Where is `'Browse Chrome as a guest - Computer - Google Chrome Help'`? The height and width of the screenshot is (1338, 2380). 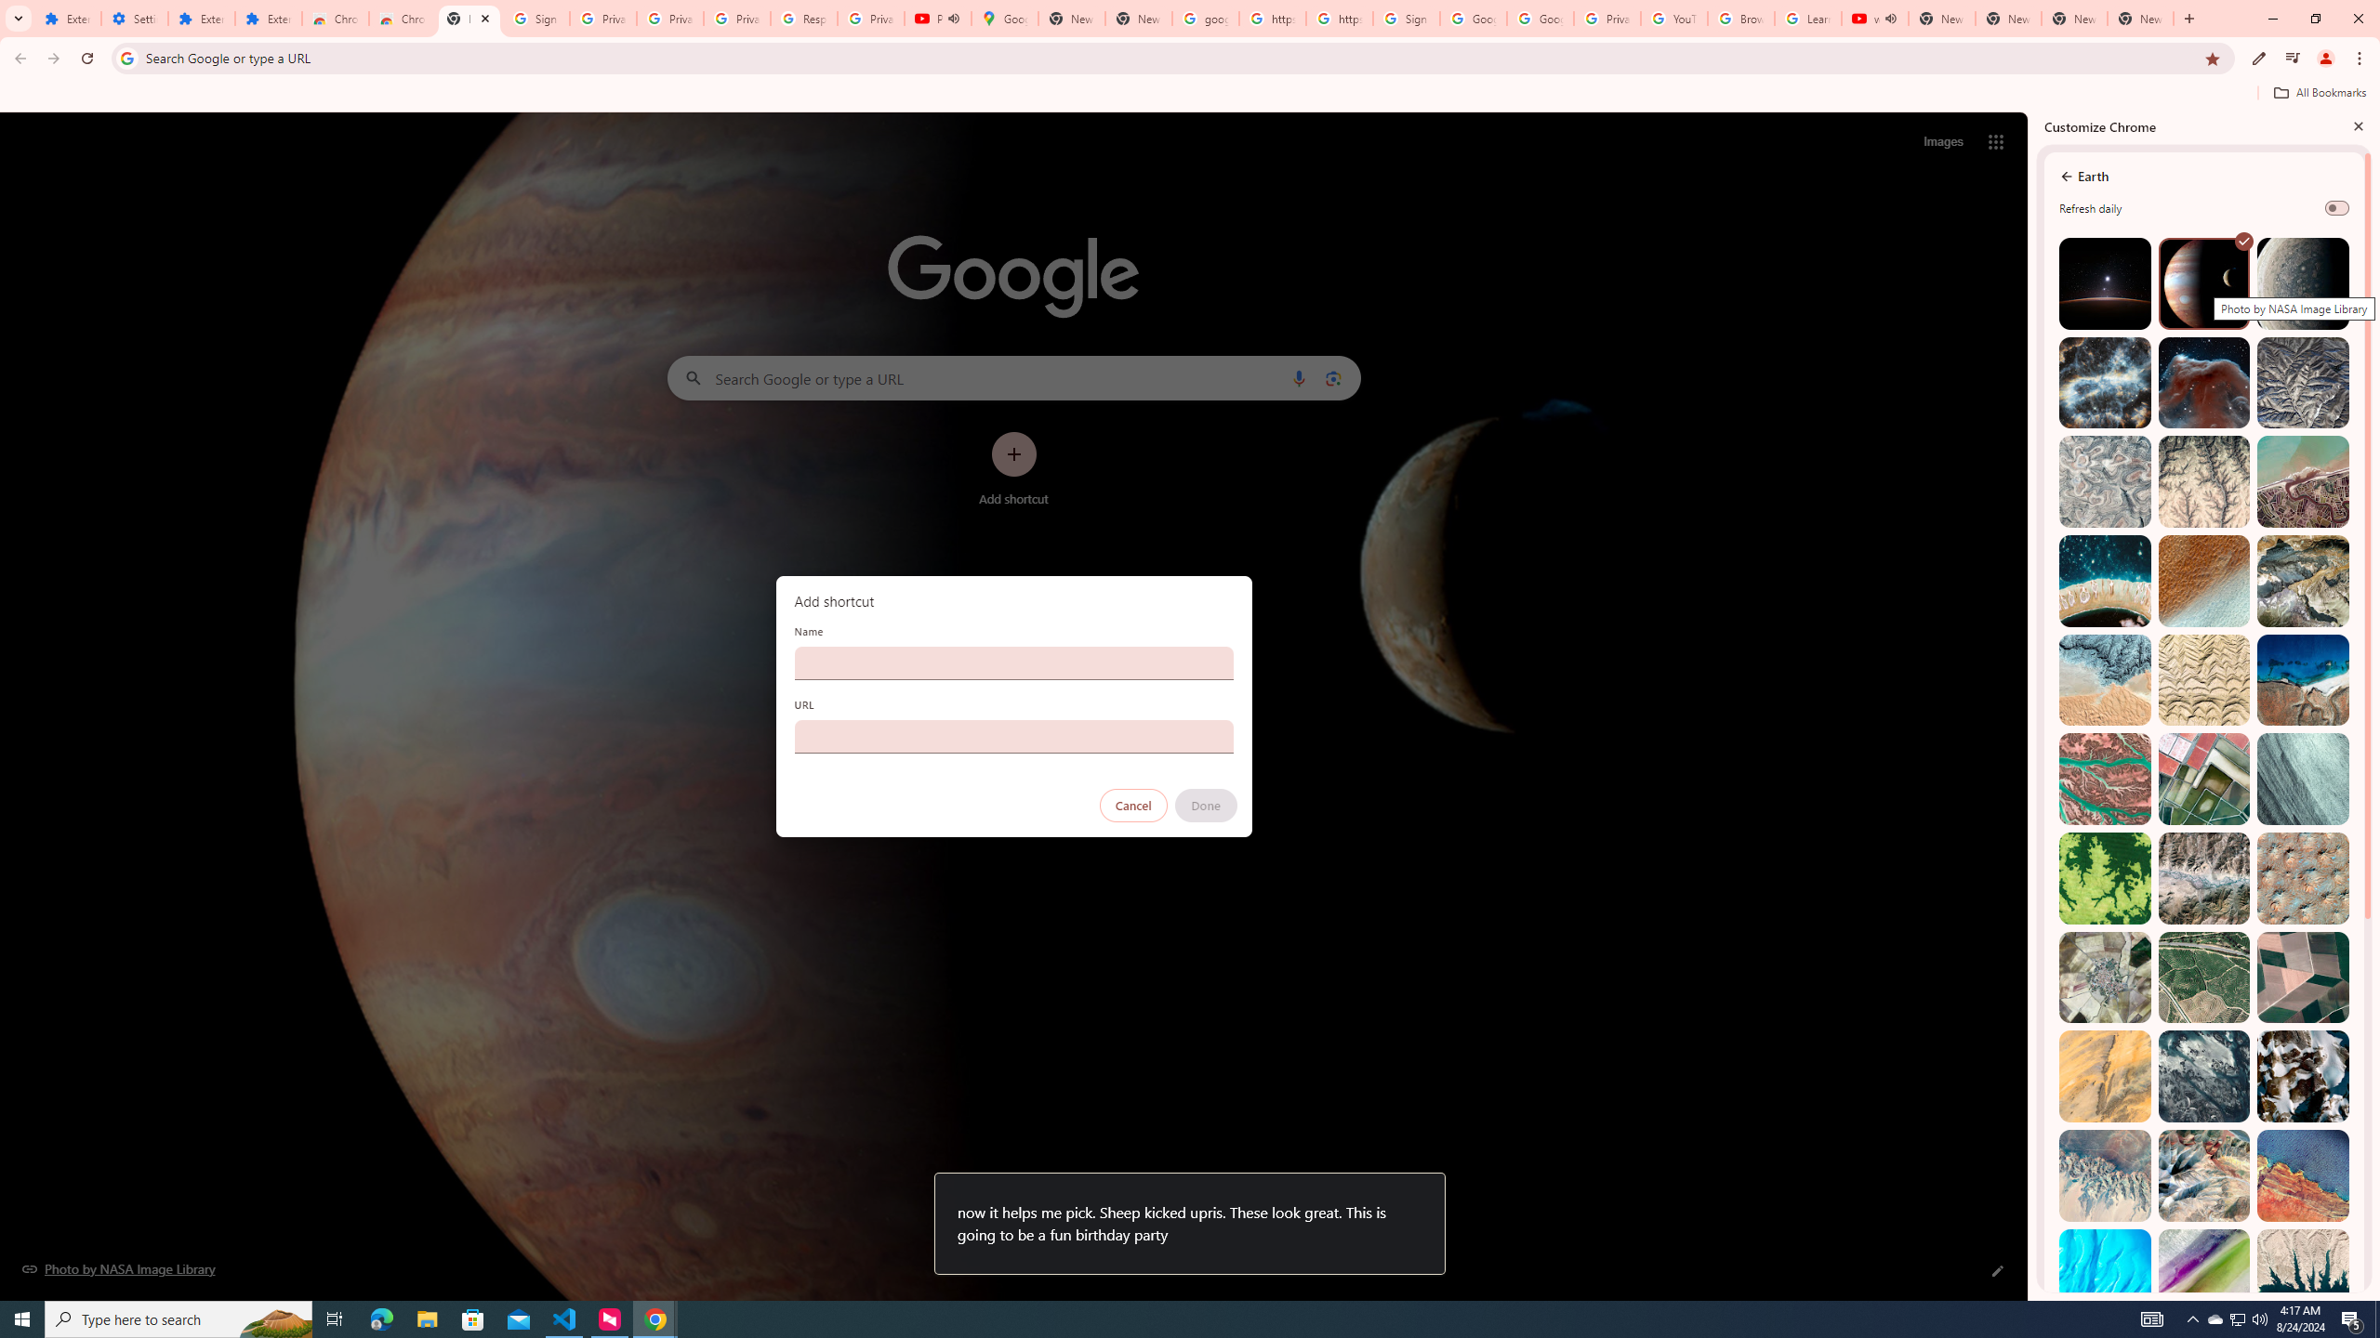
'Browse Chrome as a guest - Computer - Google Chrome Help' is located at coordinates (1739, 18).